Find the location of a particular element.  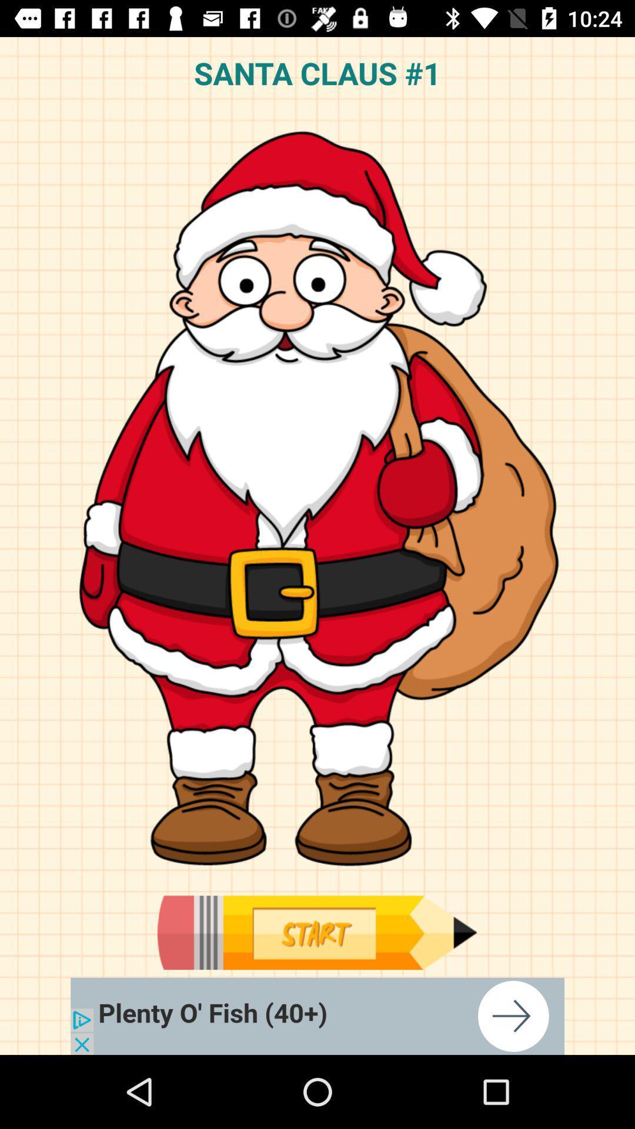

plenty o fish advertisement is located at coordinates (317, 1016).